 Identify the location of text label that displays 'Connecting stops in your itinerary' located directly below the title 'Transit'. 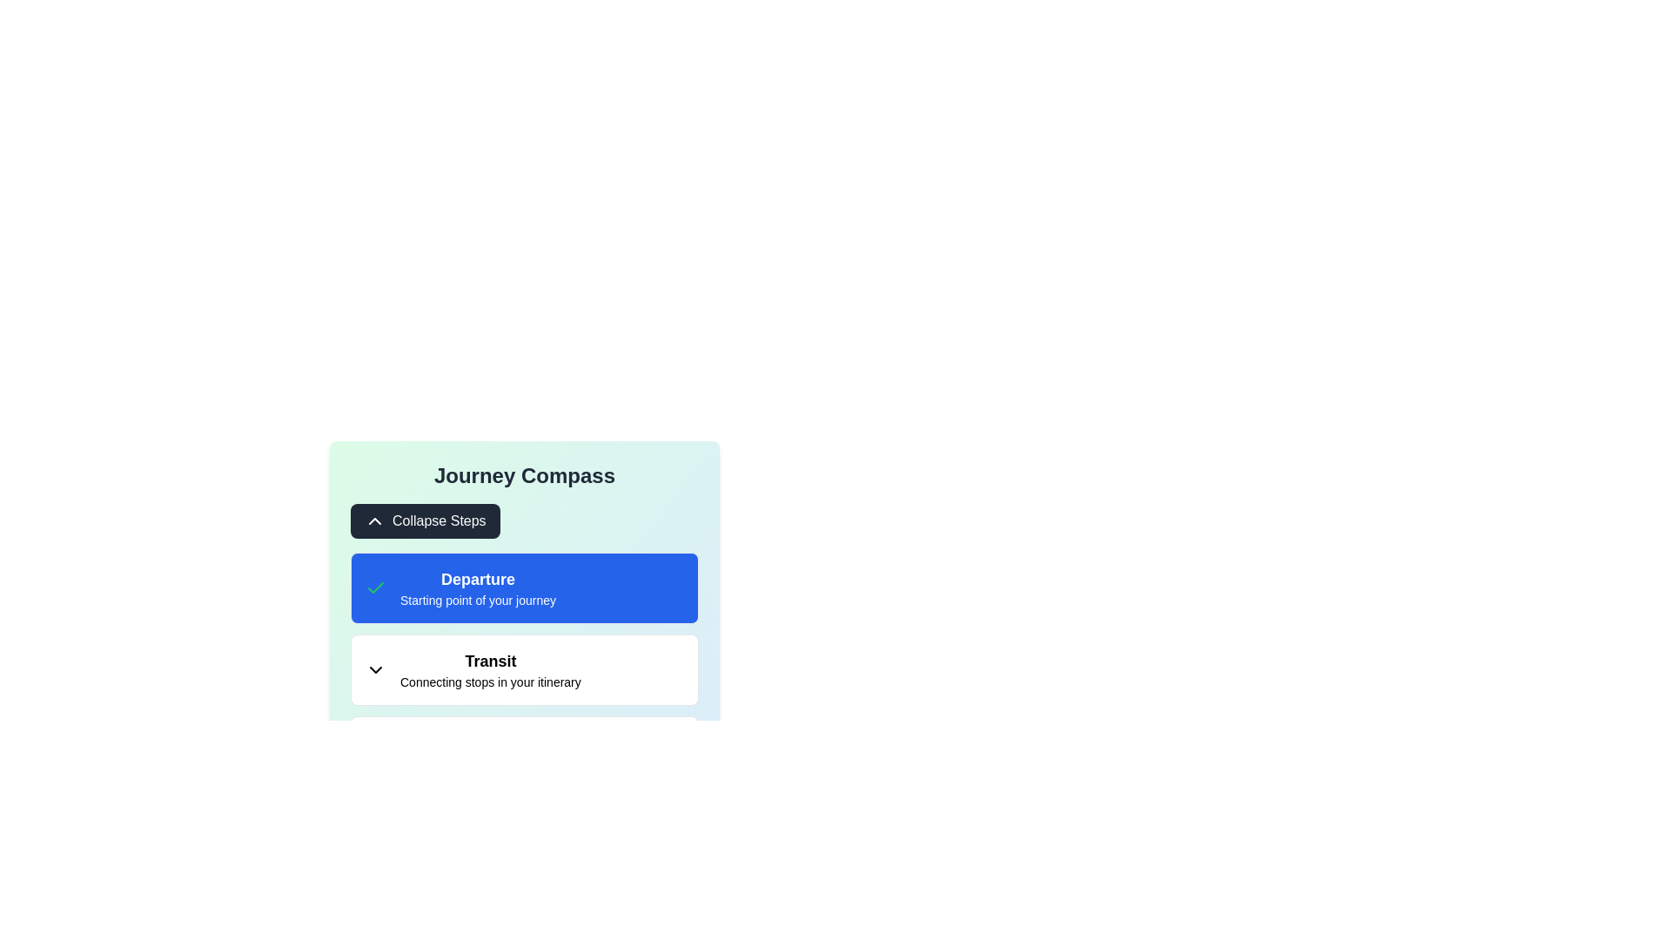
(489, 681).